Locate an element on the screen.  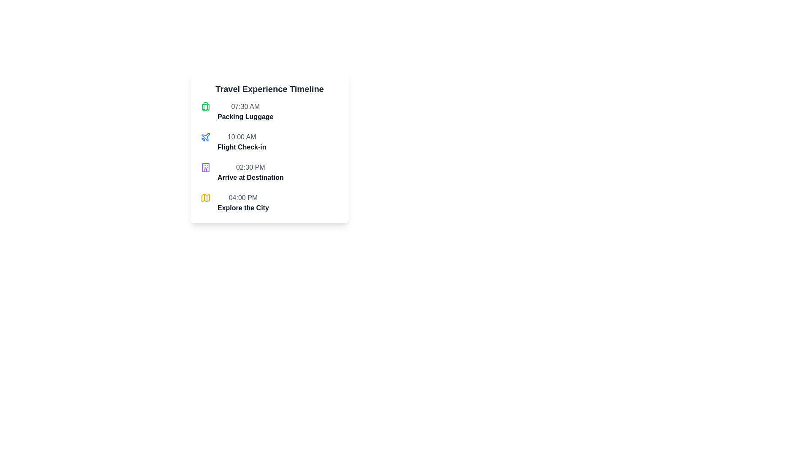
the third item in the vertically stacked list that provides a timestamp and description for a scheduled event is located at coordinates (269, 172).